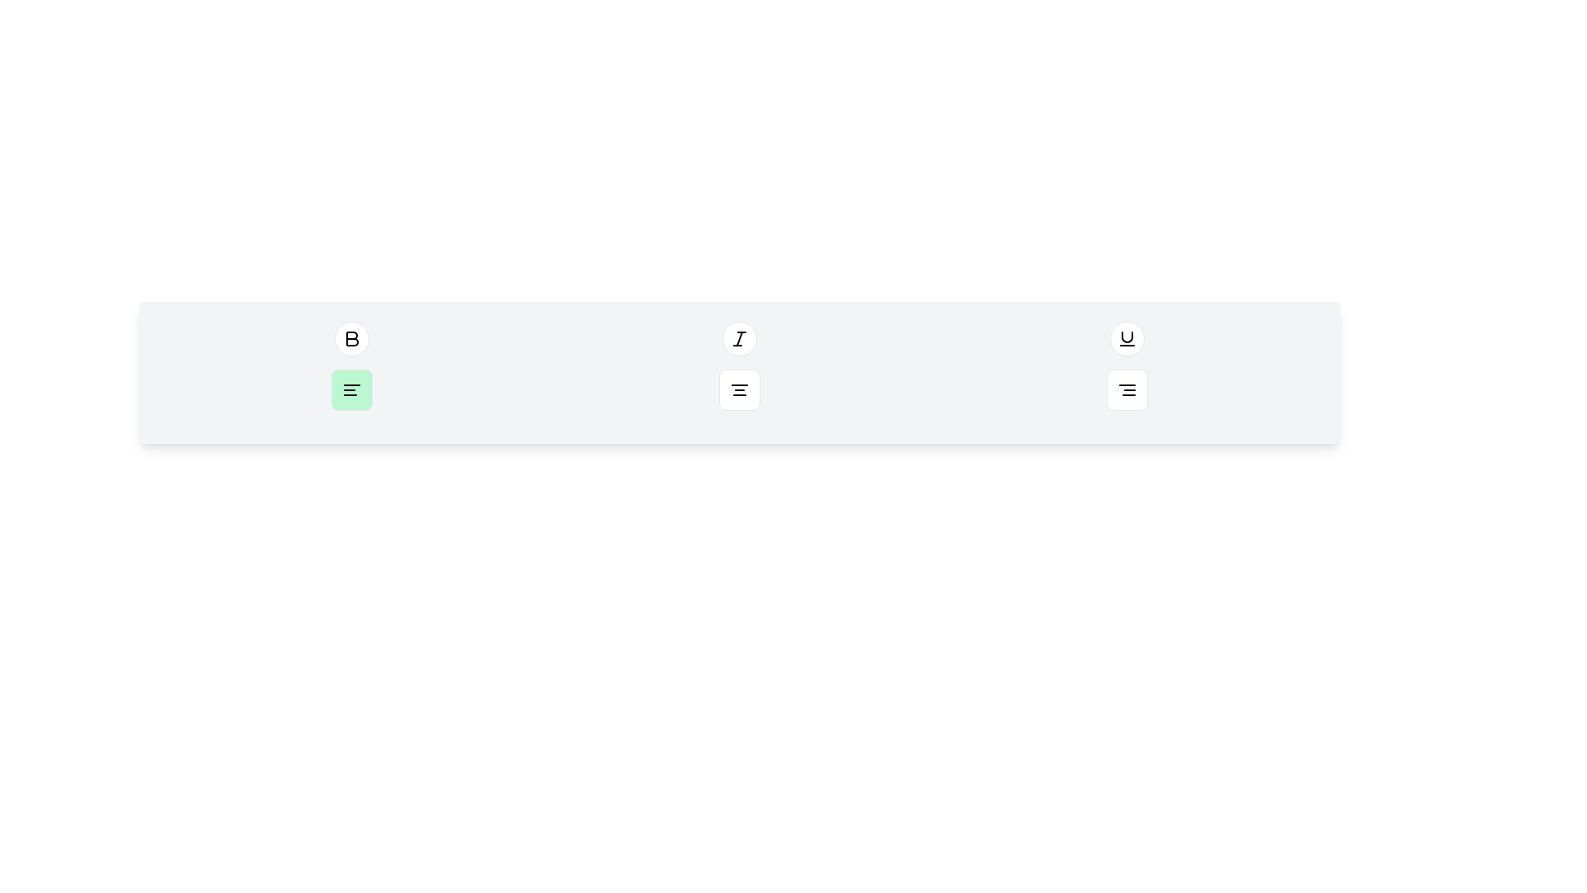 The height and width of the screenshot is (893, 1587). Describe the element at coordinates (1126, 389) in the screenshot. I see `the rightmost button in the UI control group to align text or content to the right` at that location.